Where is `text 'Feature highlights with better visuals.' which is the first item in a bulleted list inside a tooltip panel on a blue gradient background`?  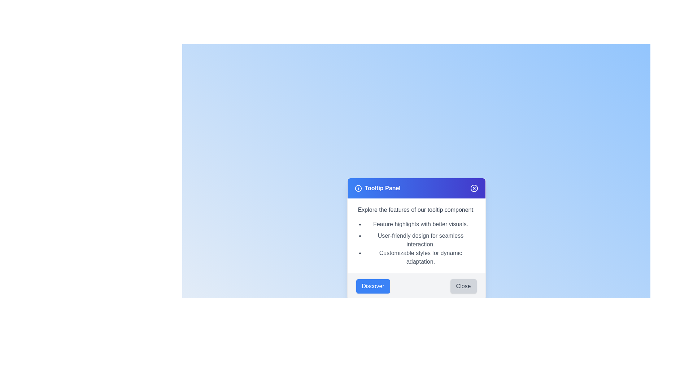
text 'Feature highlights with better visuals.' which is the first item in a bulleted list inside a tooltip panel on a blue gradient background is located at coordinates (420, 224).